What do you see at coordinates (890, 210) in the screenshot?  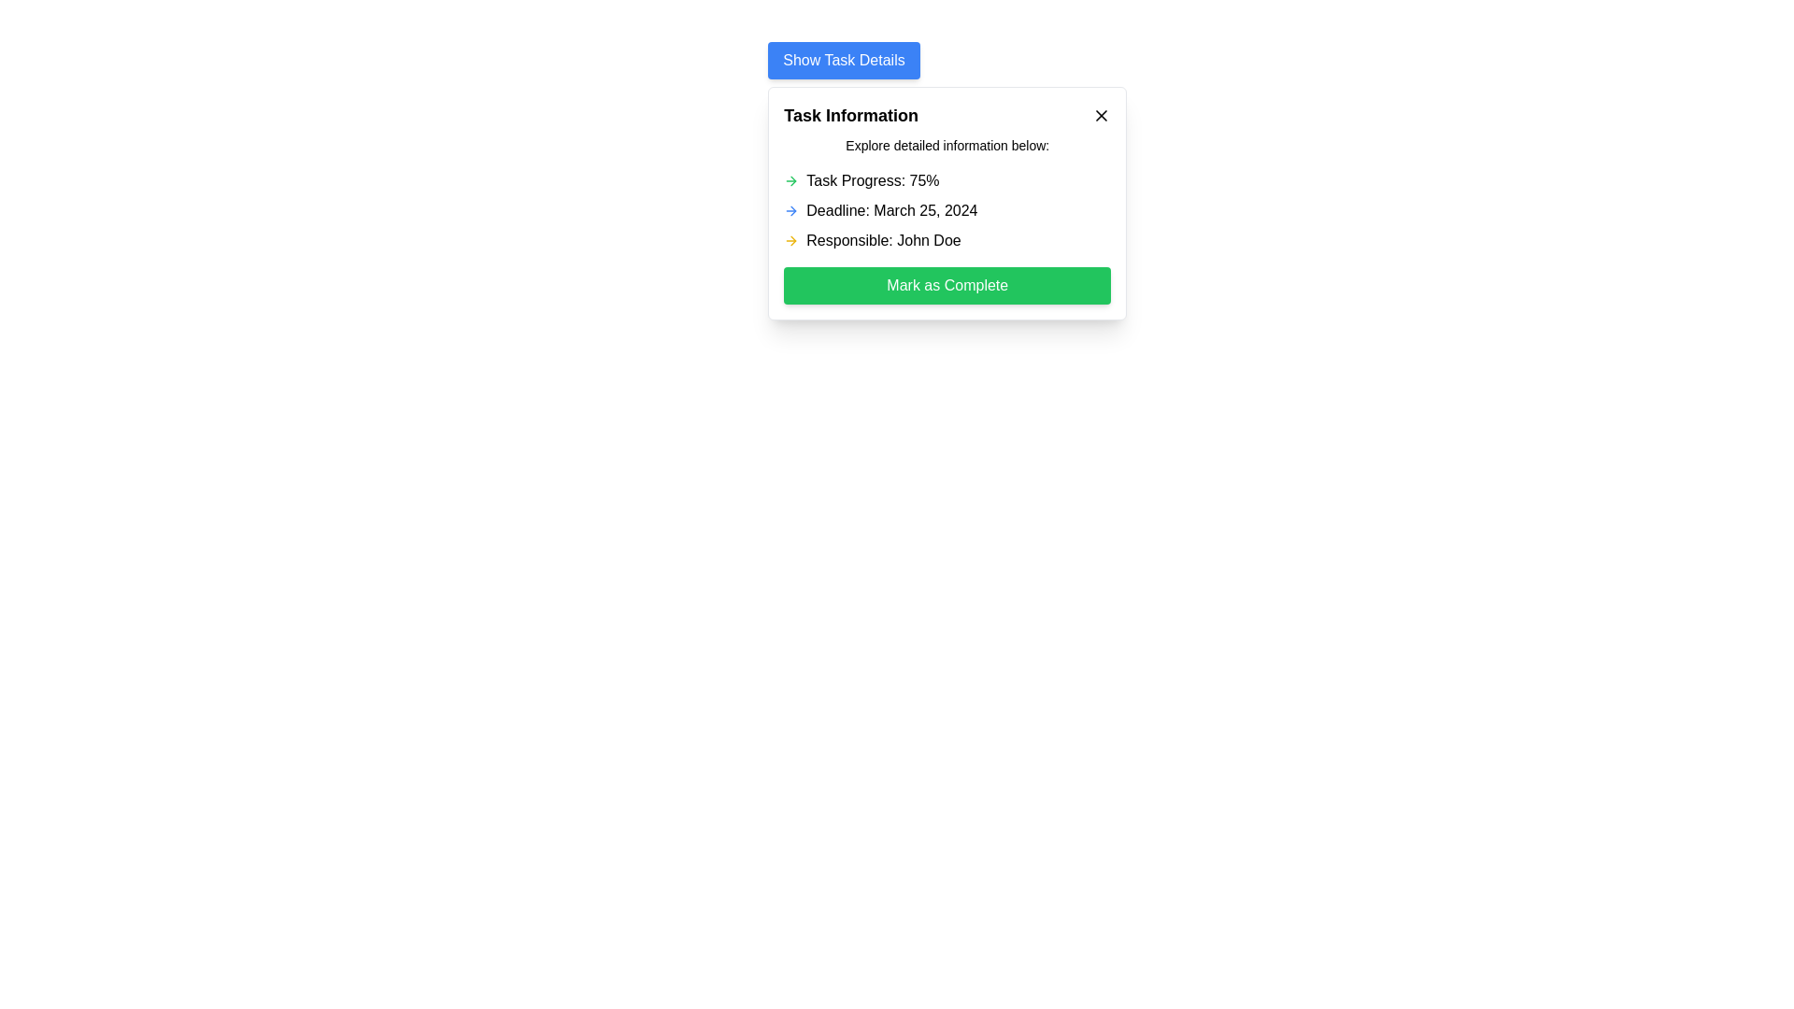 I see `the deadline information text label located in the 'Task Information' modal, which is positioned centrally below the 'Task Progress' information and above the 'Responsible' section` at bounding box center [890, 210].